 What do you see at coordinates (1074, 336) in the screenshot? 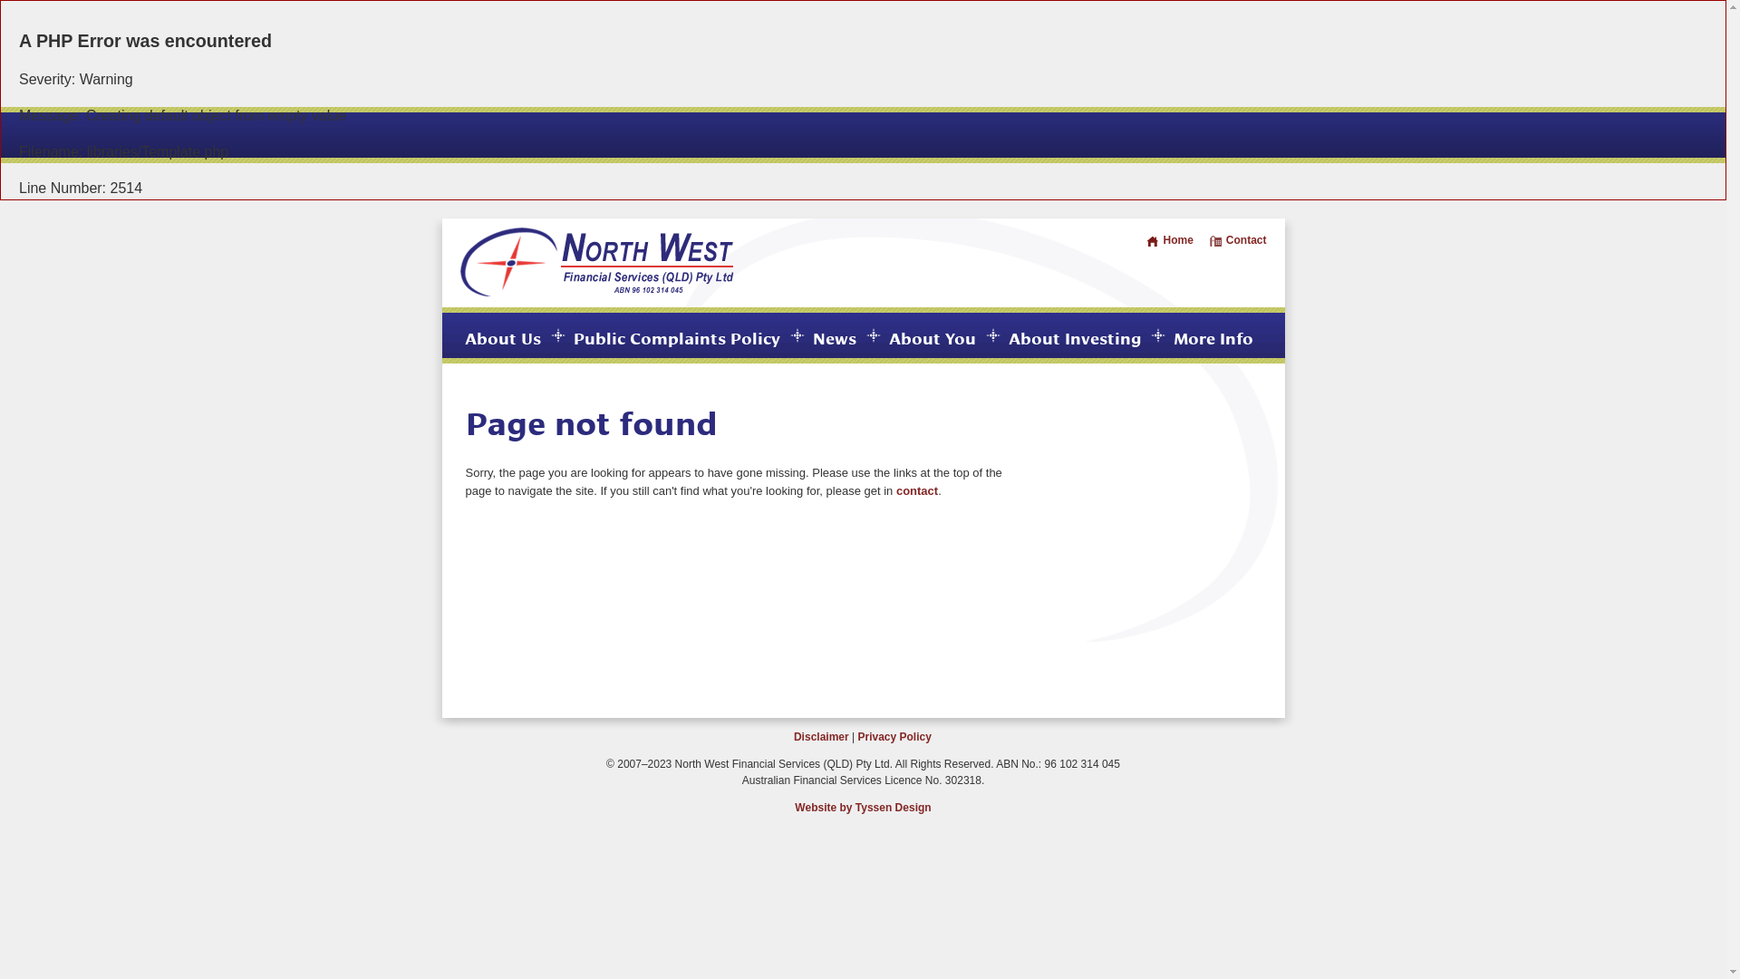
I see `'About Investing'` at bounding box center [1074, 336].